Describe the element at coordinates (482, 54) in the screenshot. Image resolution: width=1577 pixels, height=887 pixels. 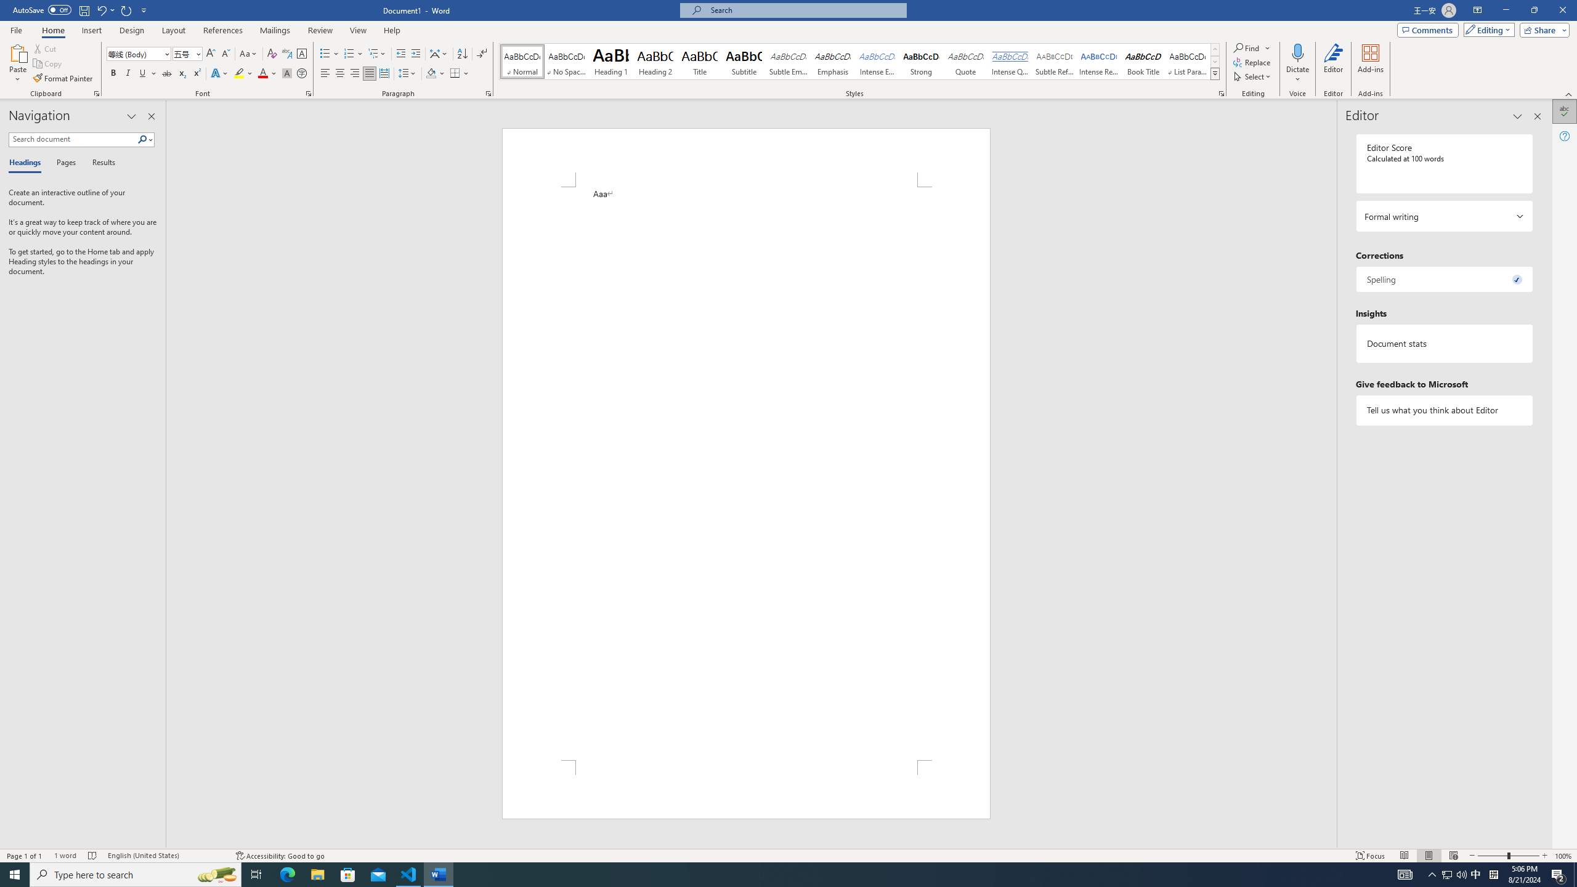
I see `'Show/Hide Editing Marks'` at that location.